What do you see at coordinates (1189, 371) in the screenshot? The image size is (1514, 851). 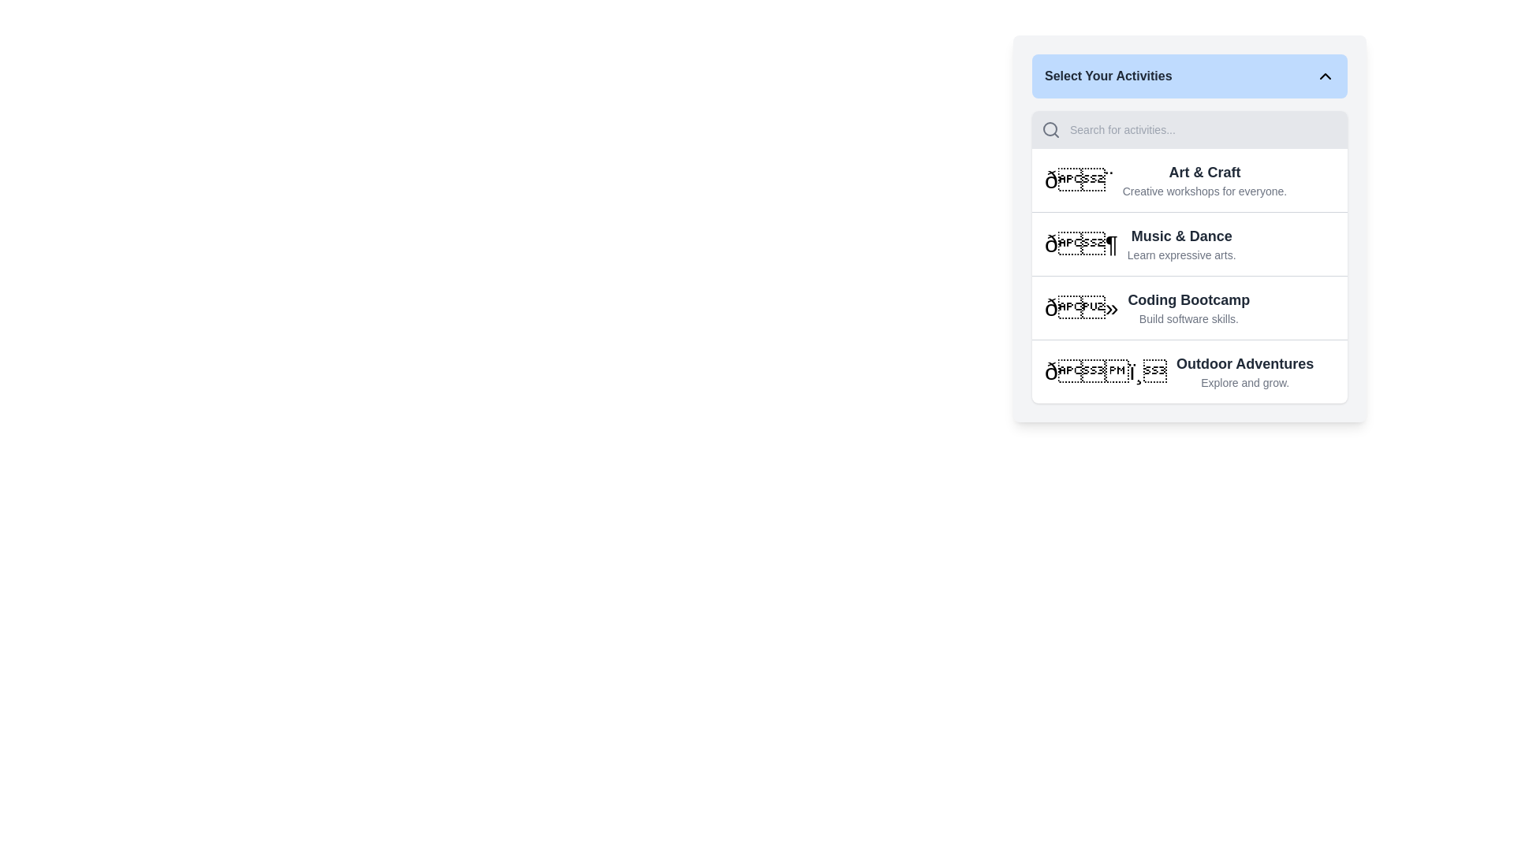 I see `the last item in the 'Select Your Activities' sidebar, which is labeled 'Outdoor Adventures'` at bounding box center [1189, 371].